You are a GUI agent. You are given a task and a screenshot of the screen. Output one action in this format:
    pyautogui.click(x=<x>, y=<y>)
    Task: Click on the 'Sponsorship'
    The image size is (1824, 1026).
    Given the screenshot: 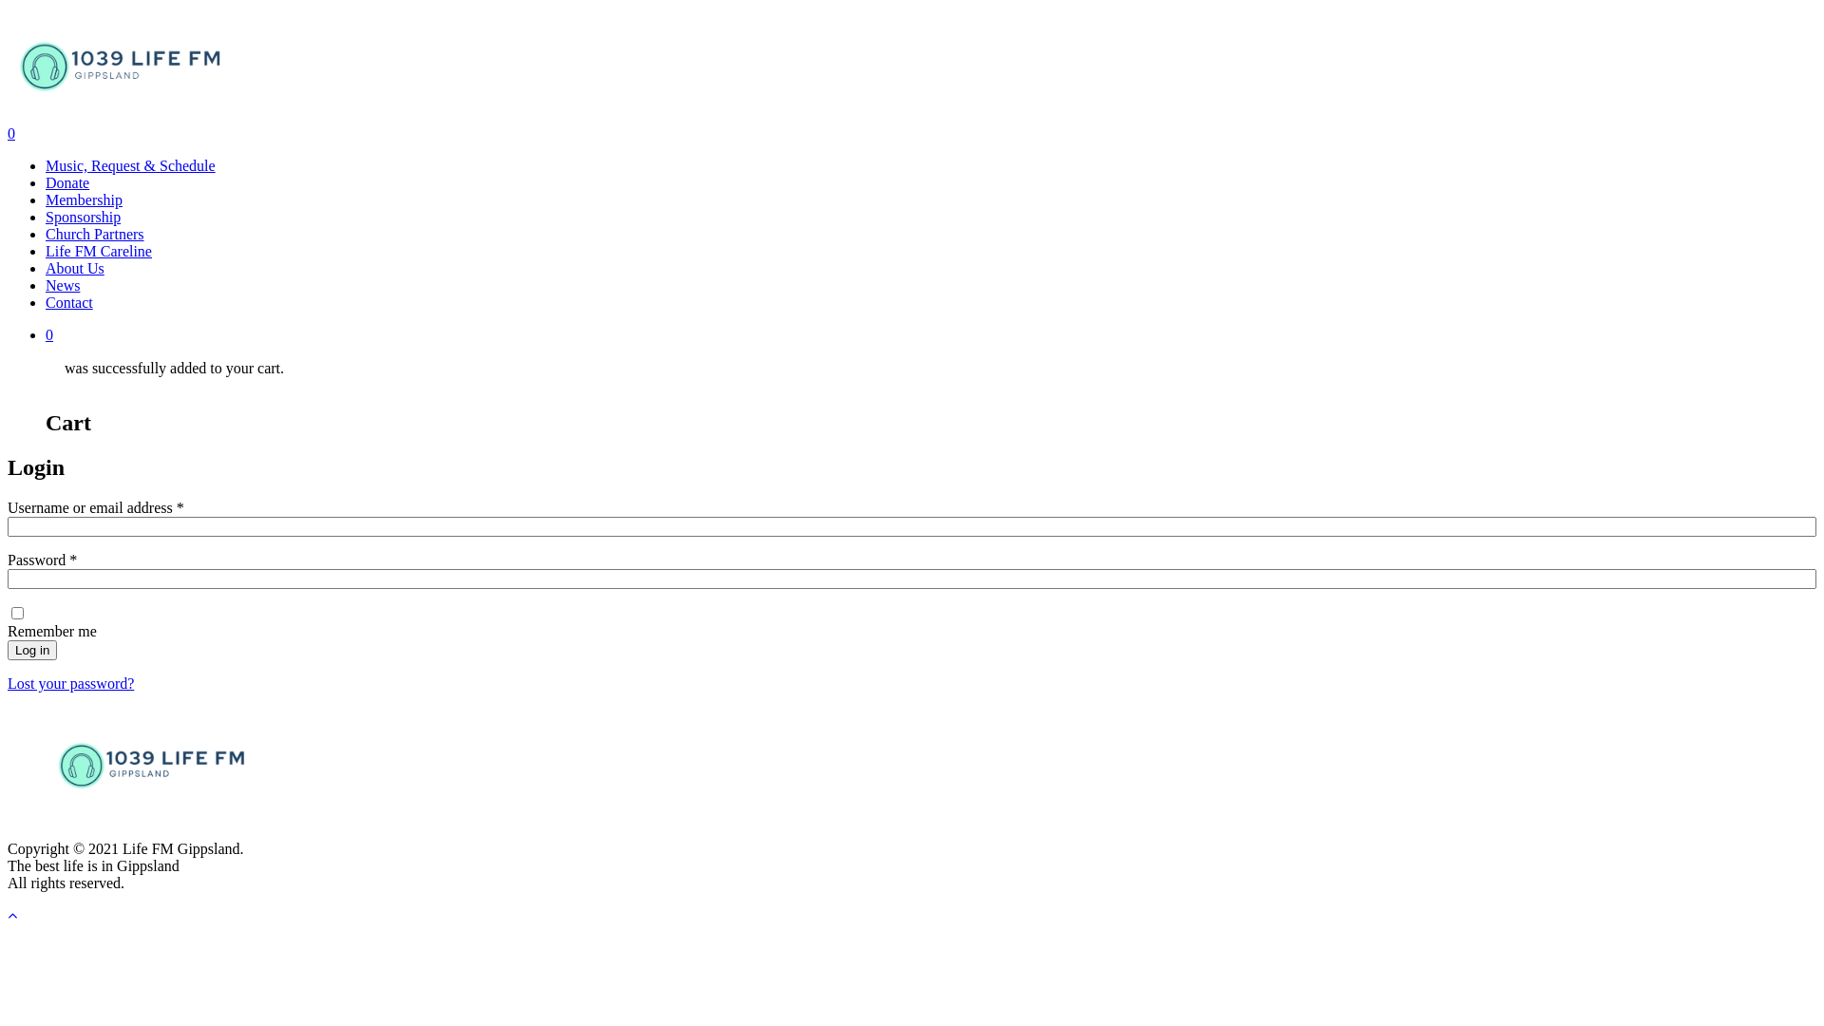 What is the action you would take?
    pyautogui.click(x=46, y=216)
    